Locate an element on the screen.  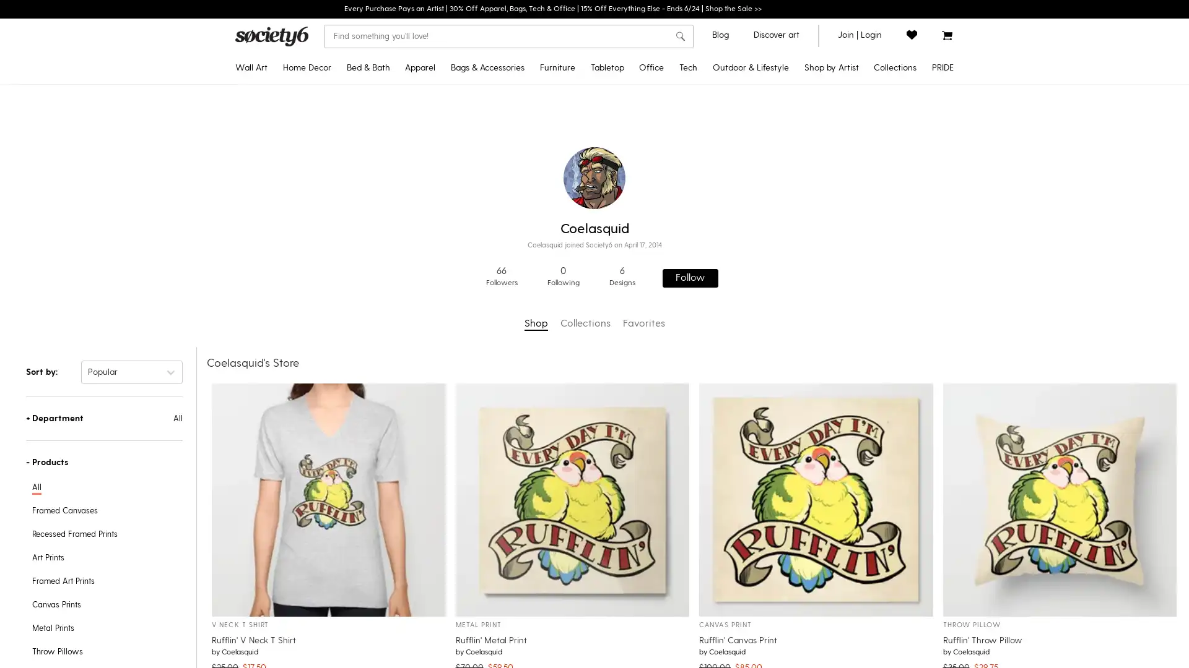
Support Ukrainian Artists is located at coordinates (798, 218).